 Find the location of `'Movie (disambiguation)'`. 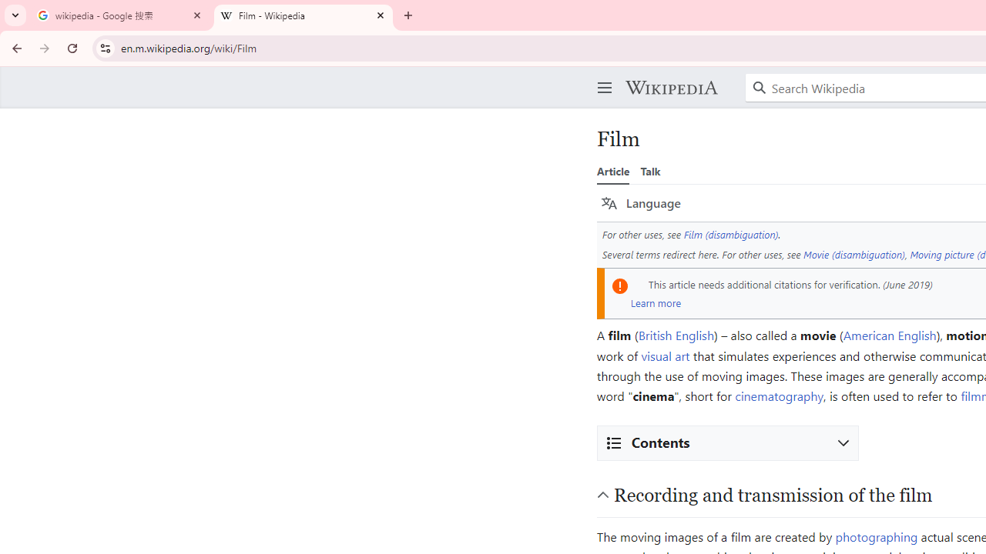

'Movie (disambiguation)' is located at coordinates (854, 253).